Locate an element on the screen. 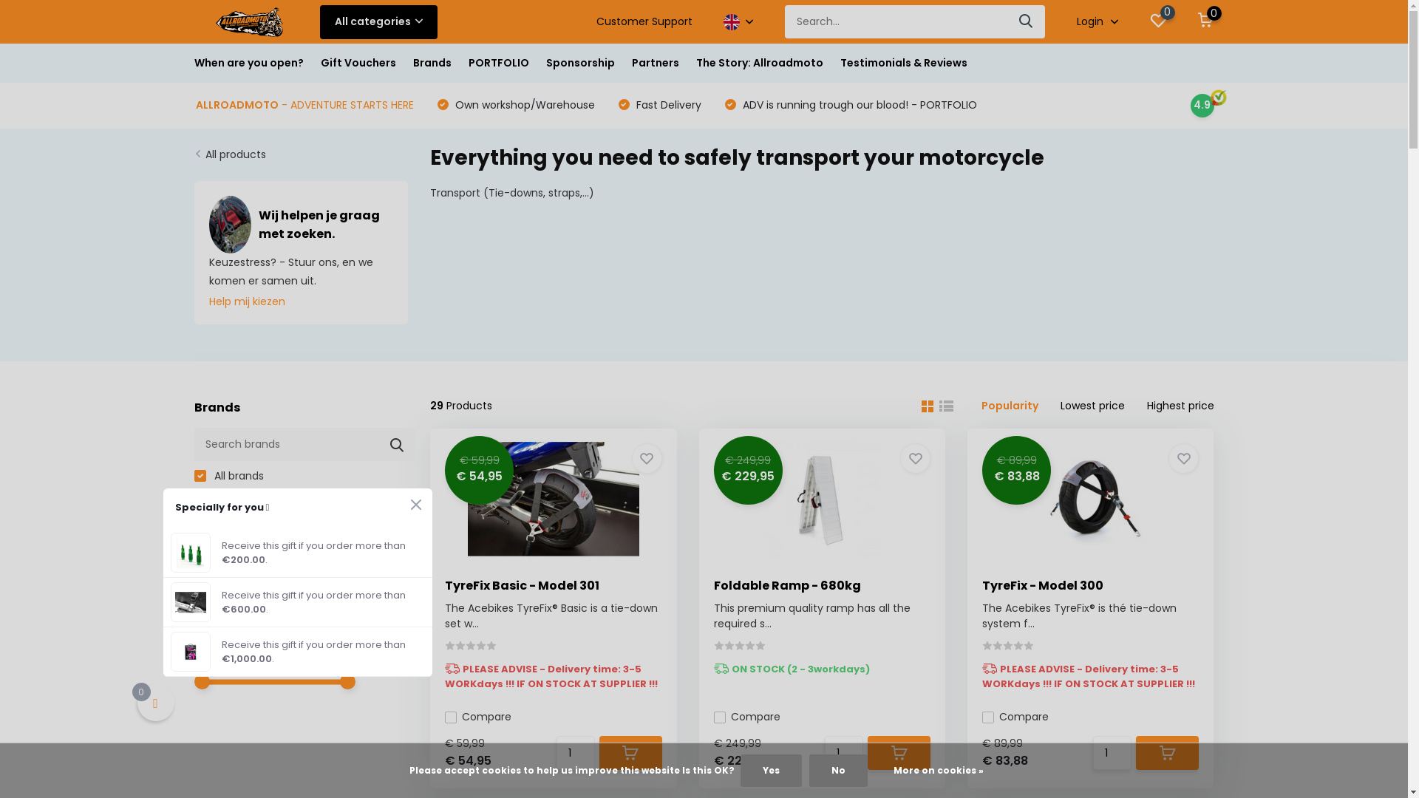 The height and width of the screenshot is (798, 1419). 'Login' is located at coordinates (1097, 21).